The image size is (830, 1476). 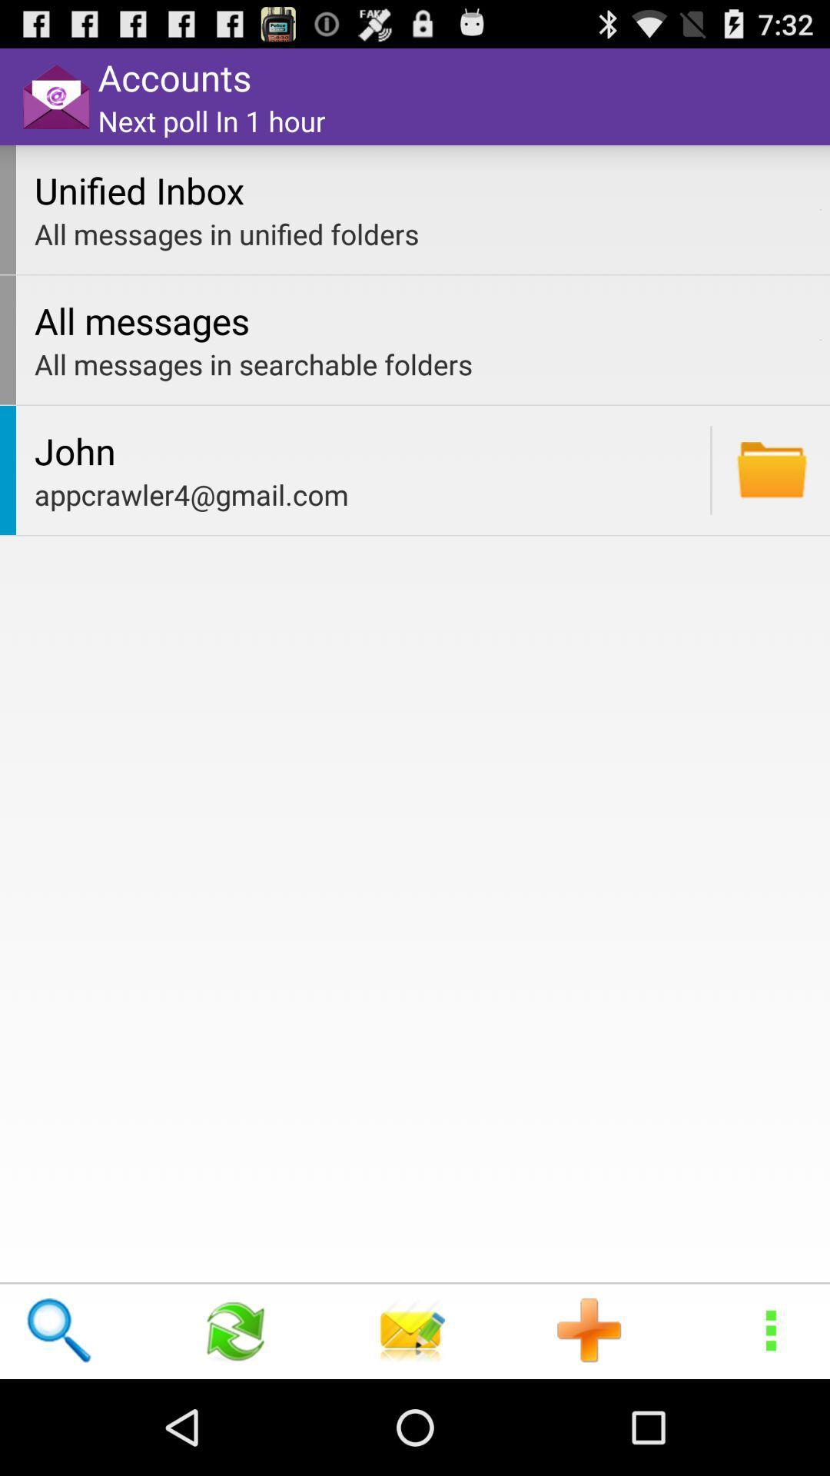 What do you see at coordinates (772, 469) in the screenshot?
I see `open mail` at bounding box center [772, 469].